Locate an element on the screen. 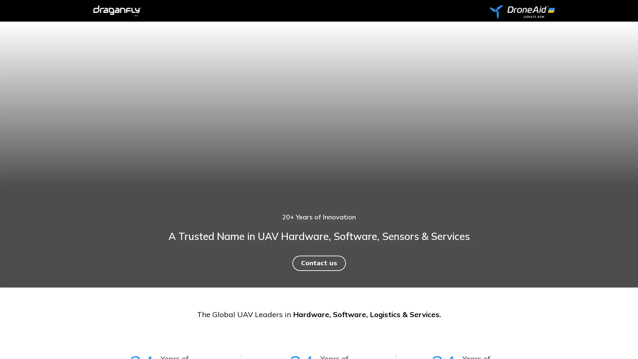 The width and height of the screenshot is (638, 359). Contact us is located at coordinates (318, 263).